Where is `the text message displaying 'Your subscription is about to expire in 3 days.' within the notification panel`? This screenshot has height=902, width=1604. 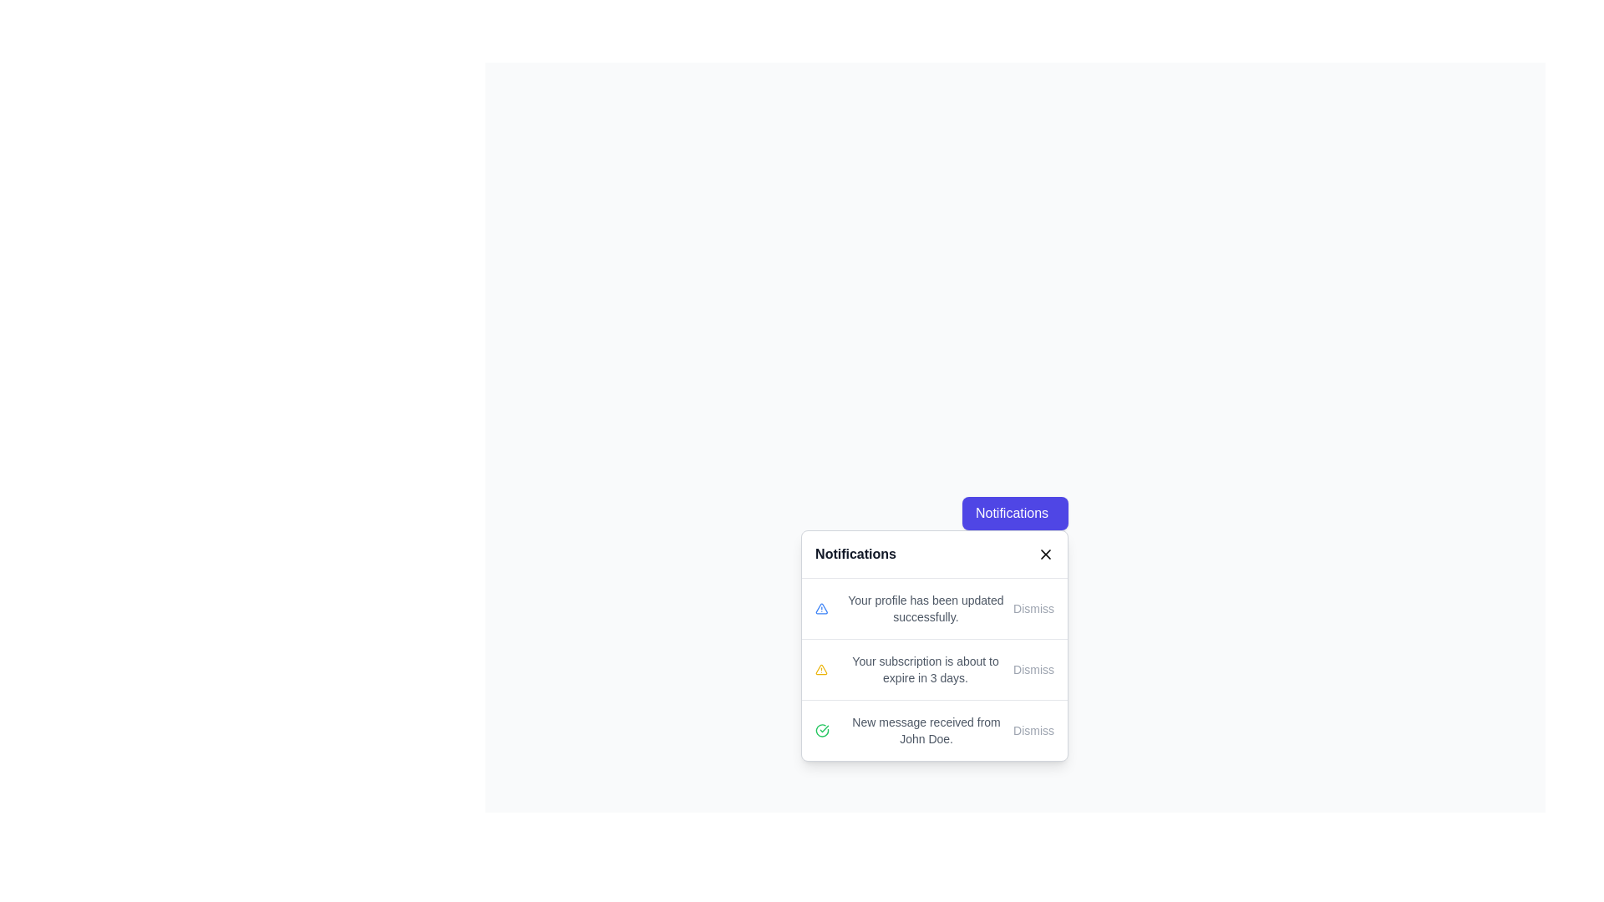 the text message displaying 'Your subscription is about to expire in 3 days.' within the notification panel is located at coordinates (925, 669).